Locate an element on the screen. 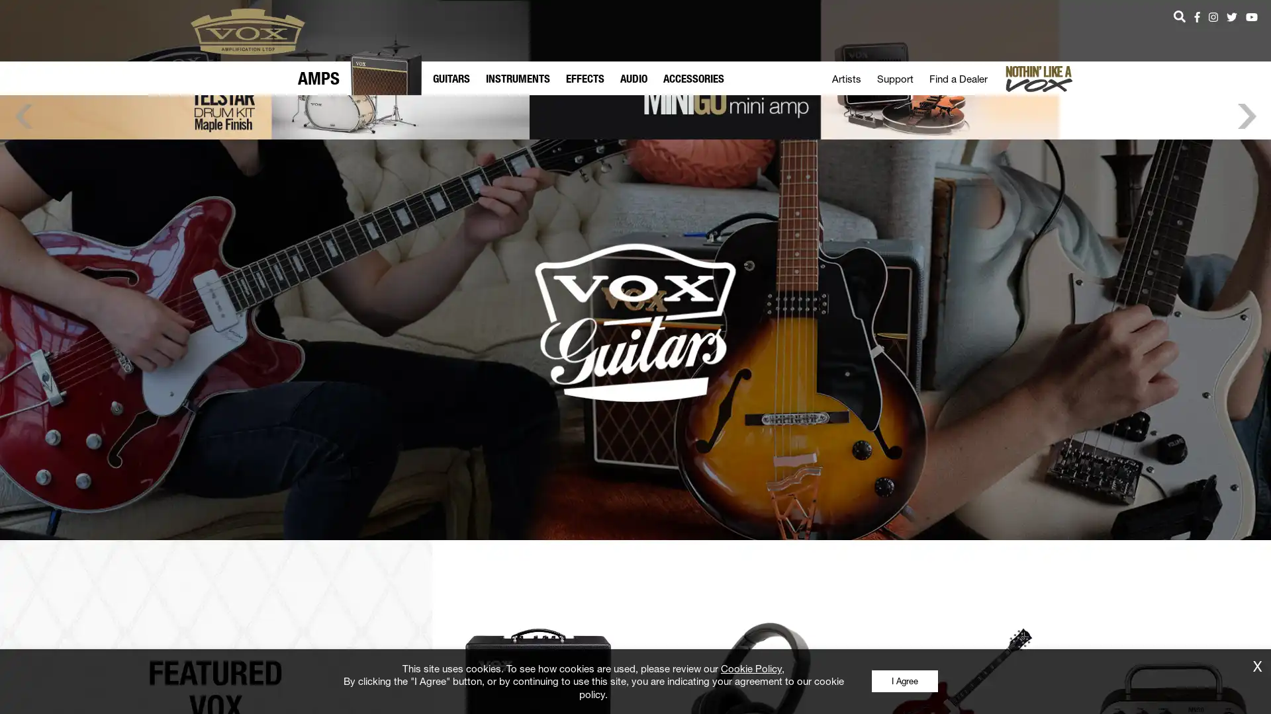 This screenshot has height=714, width=1271. I Agree is located at coordinates (904, 681).